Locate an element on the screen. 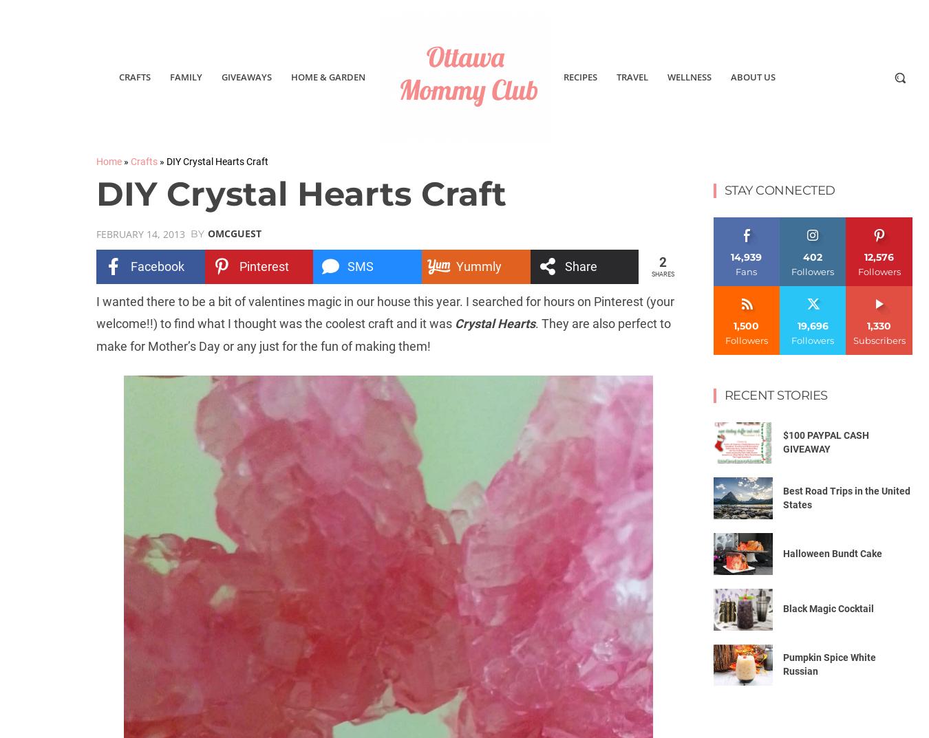 Image resolution: width=929 pixels, height=738 pixels. '1,500' is located at coordinates (733, 325).